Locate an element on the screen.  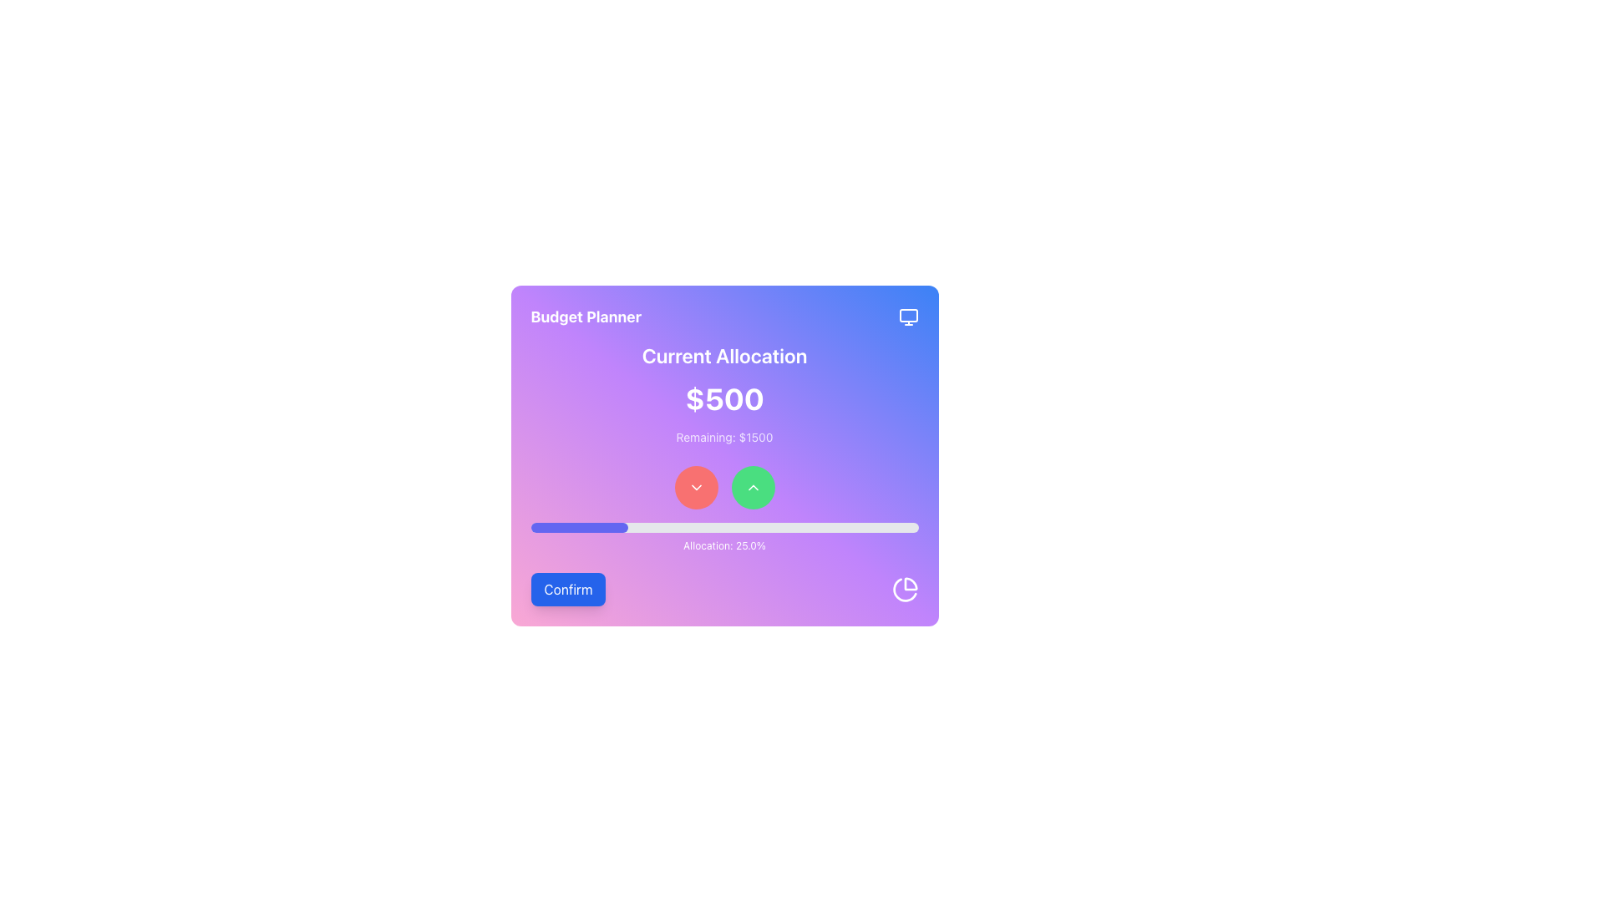
the budget value label that indicates the current allocated budget value, positioned between the 'Current Allocation' label above and the 'Remaining: $1500' text below is located at coordinates (724, 399).